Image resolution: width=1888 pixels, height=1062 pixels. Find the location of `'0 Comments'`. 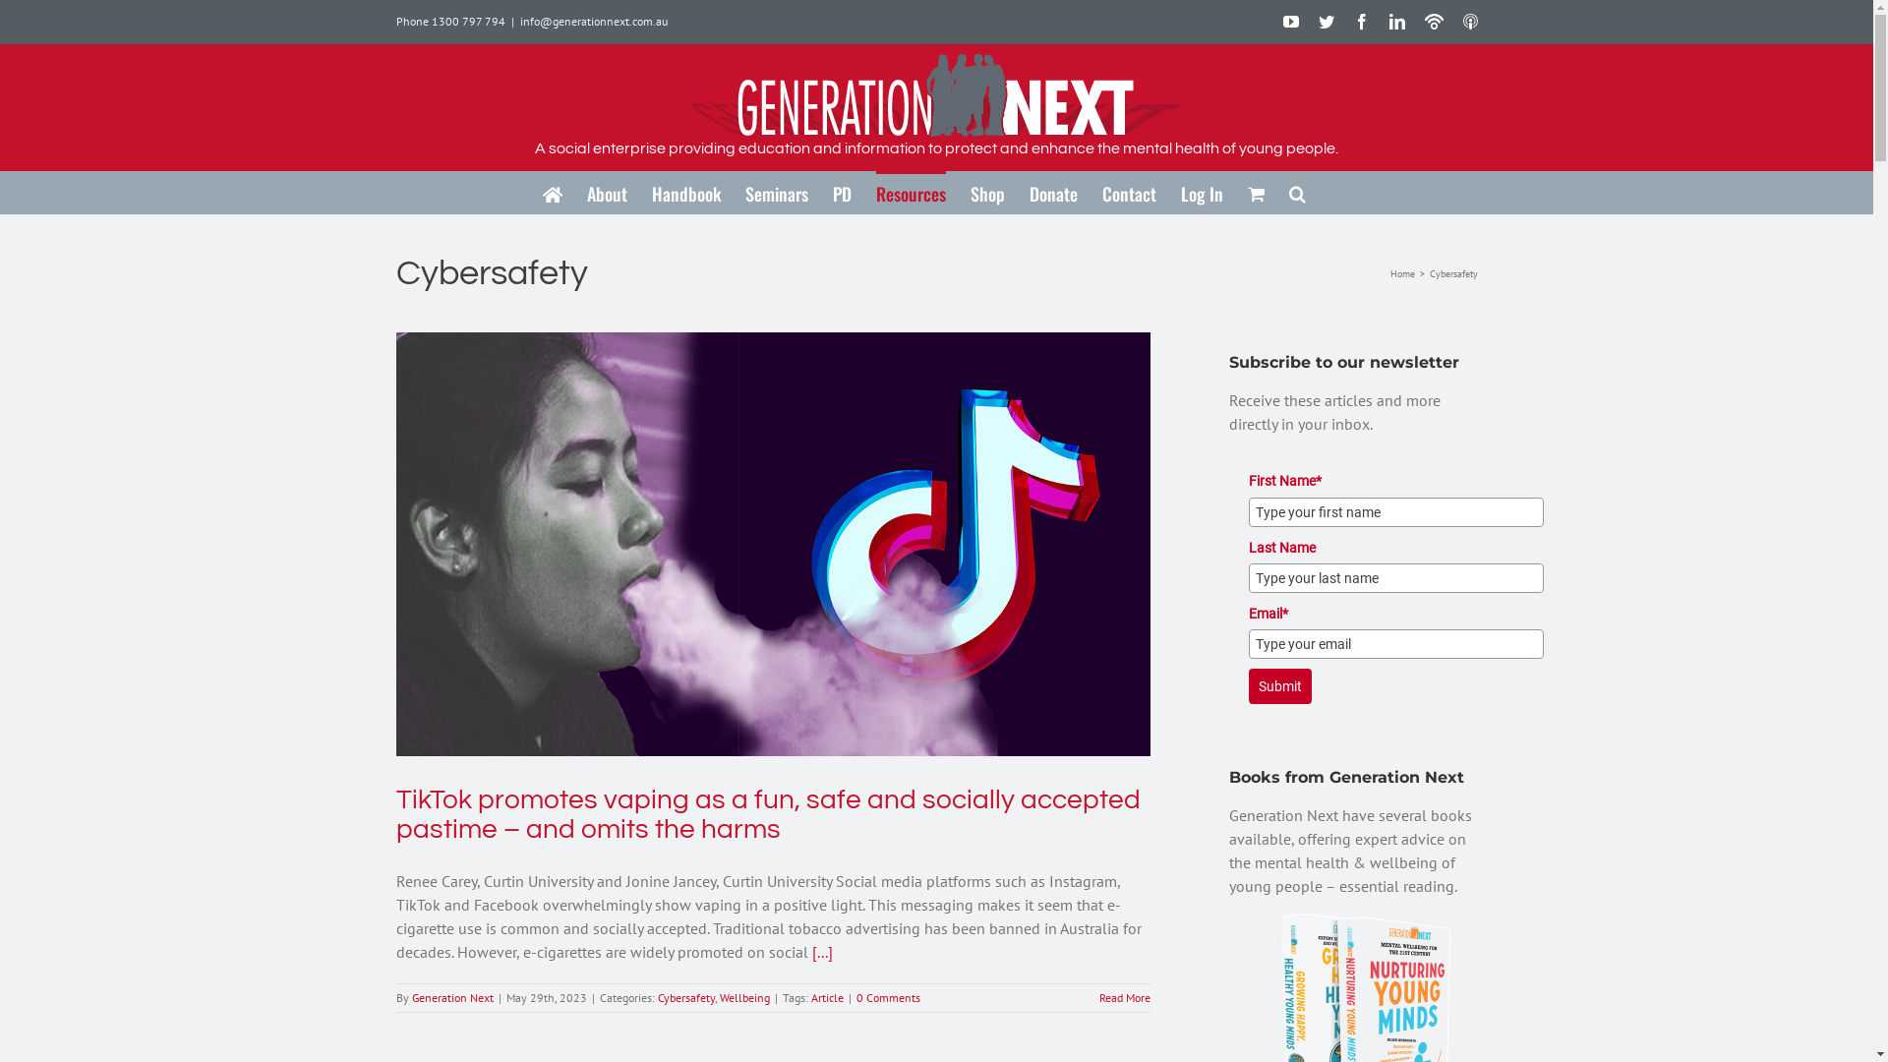

'0 Comments' is located at coordinates (886, 997).